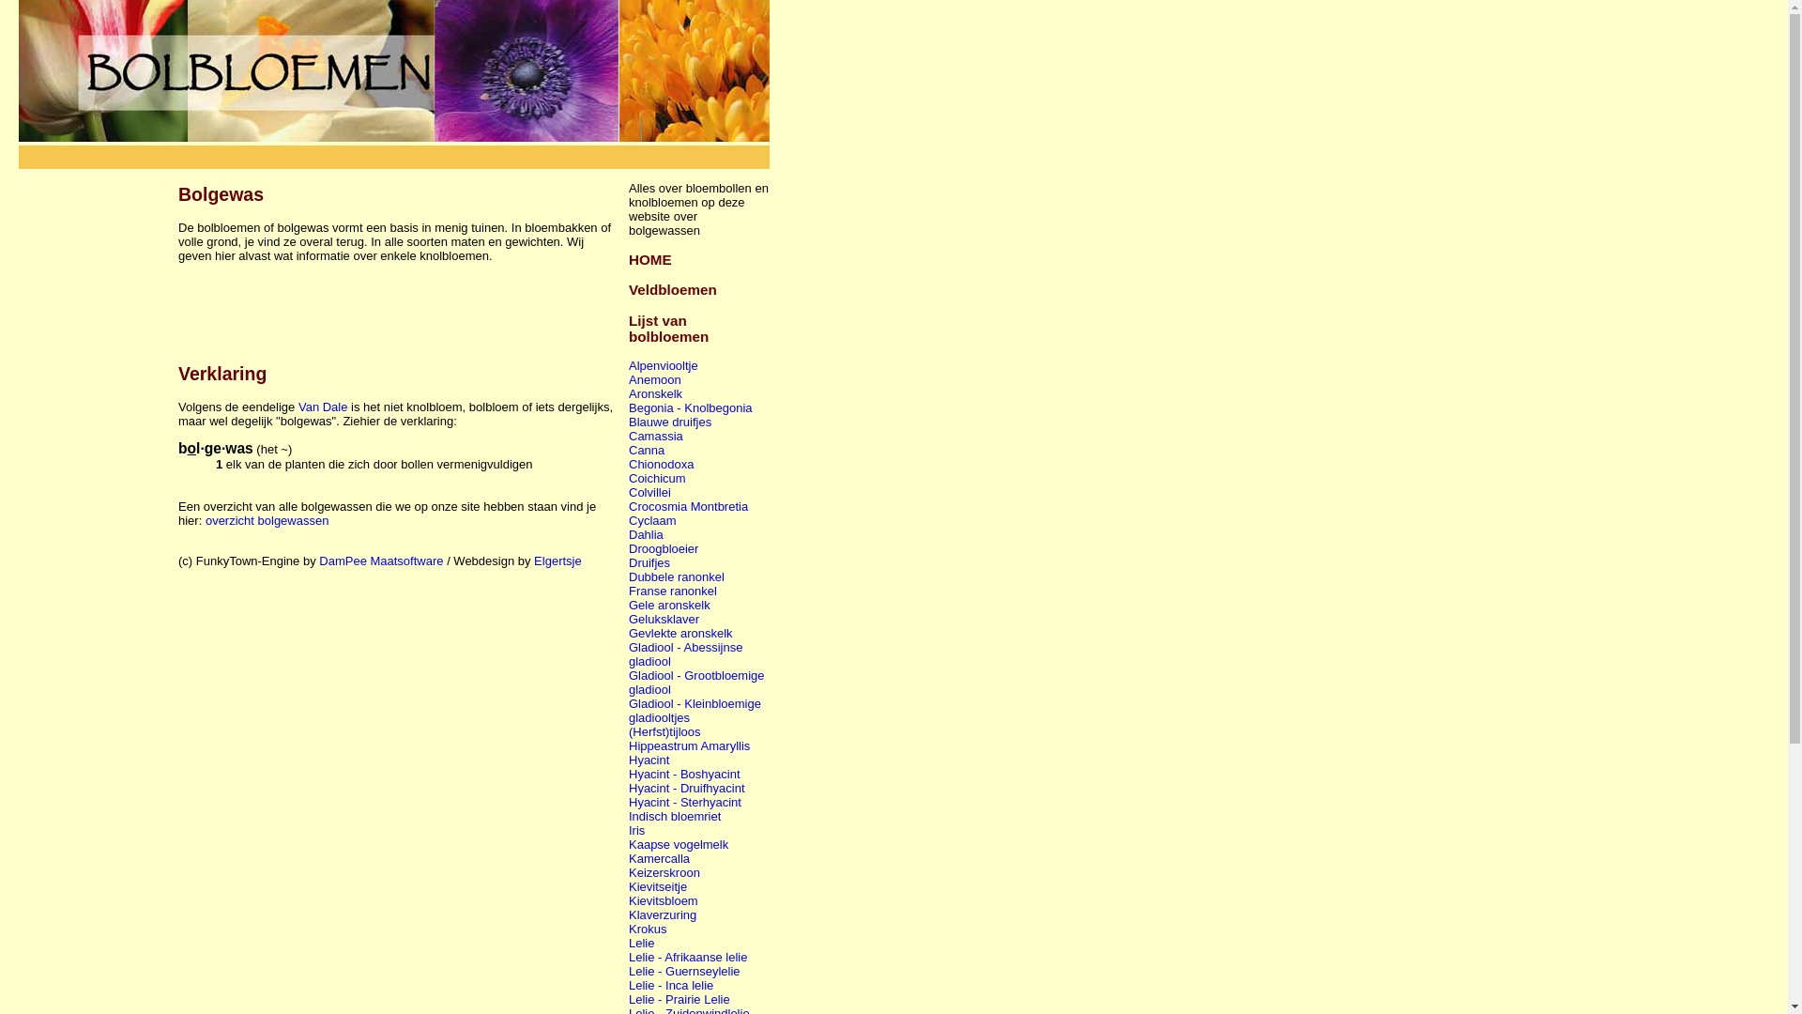 The image size is (1802, 1014). Describe the element at coordinates (654, 379) in the screenshot. I see `'Anemoon'` at that location.